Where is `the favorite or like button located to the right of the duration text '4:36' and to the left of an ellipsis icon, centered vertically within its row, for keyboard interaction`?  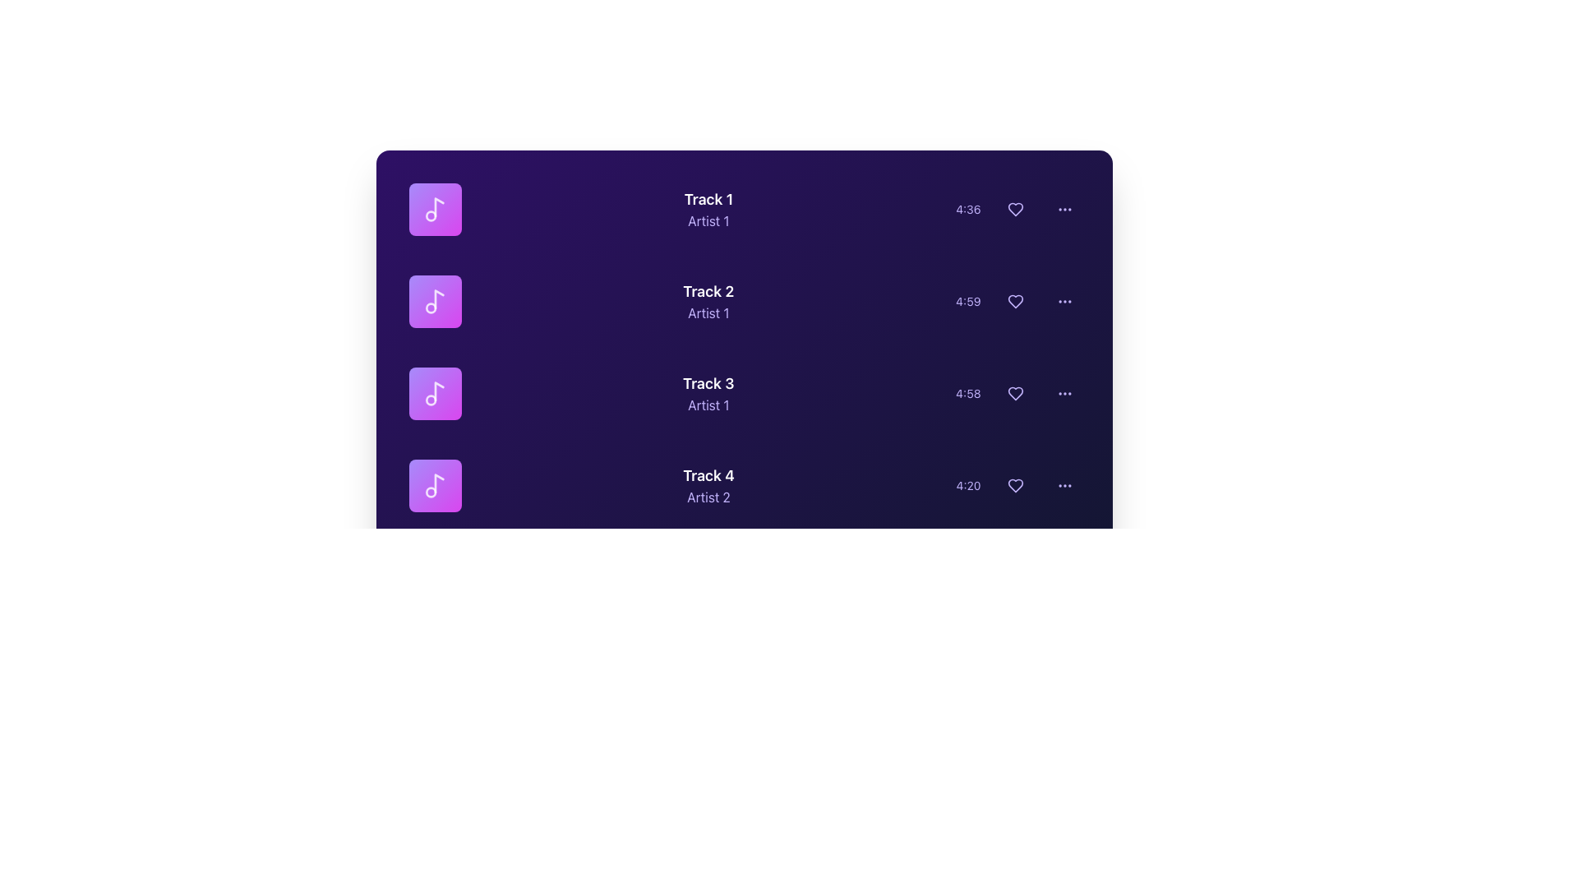
the favorite or like button located to the right of the duration text '4:36' and to the left of an ellipsis icon, centered vertically within its row, for keyboard interaction is located at coordinates (1014, 208).